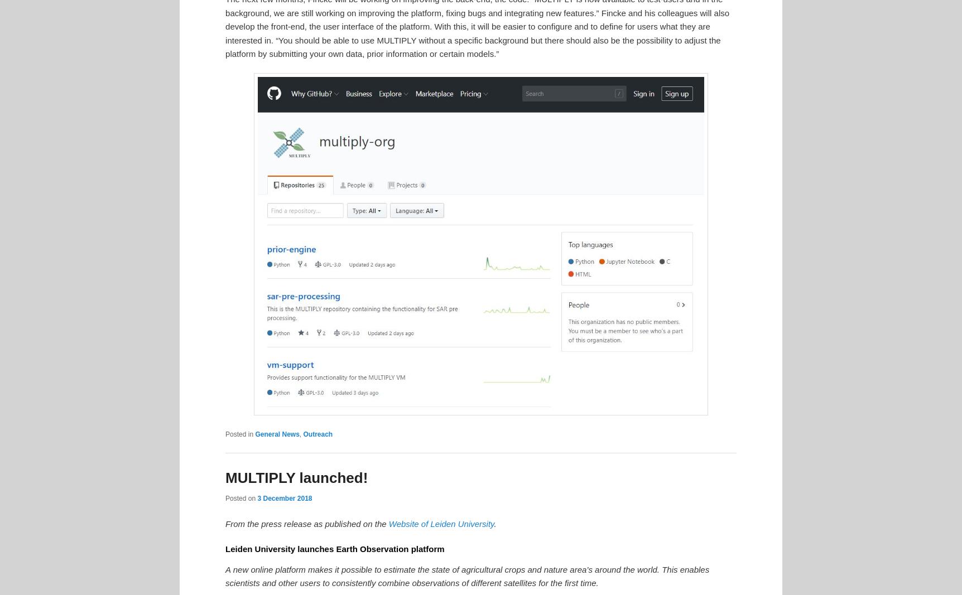 This screenshot has width=962, height=595. I want to click on 'Posted in', so click(238, 433).